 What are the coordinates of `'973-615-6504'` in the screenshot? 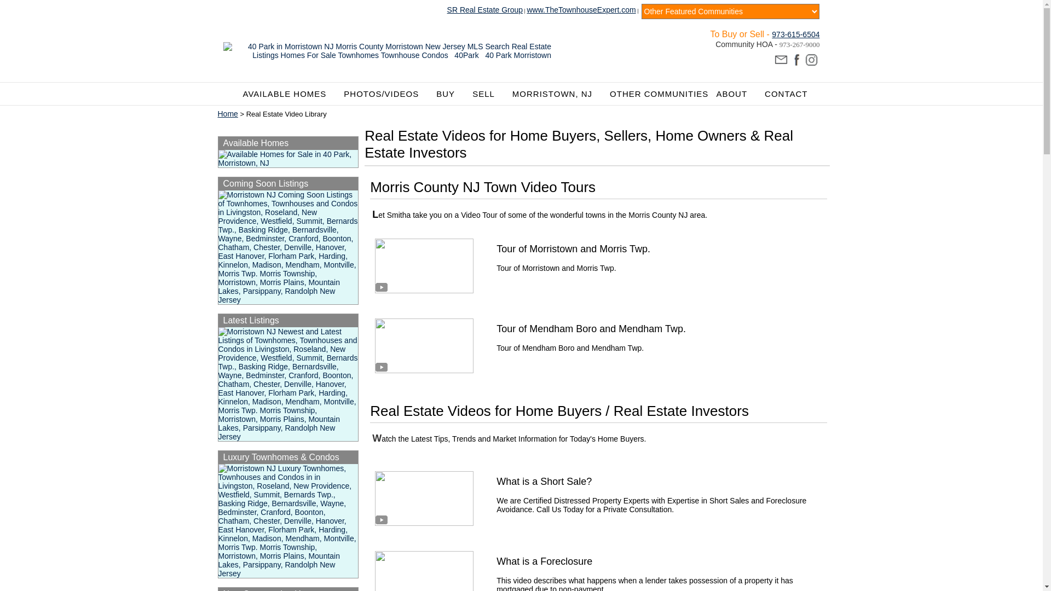 It's located at (795, 33).